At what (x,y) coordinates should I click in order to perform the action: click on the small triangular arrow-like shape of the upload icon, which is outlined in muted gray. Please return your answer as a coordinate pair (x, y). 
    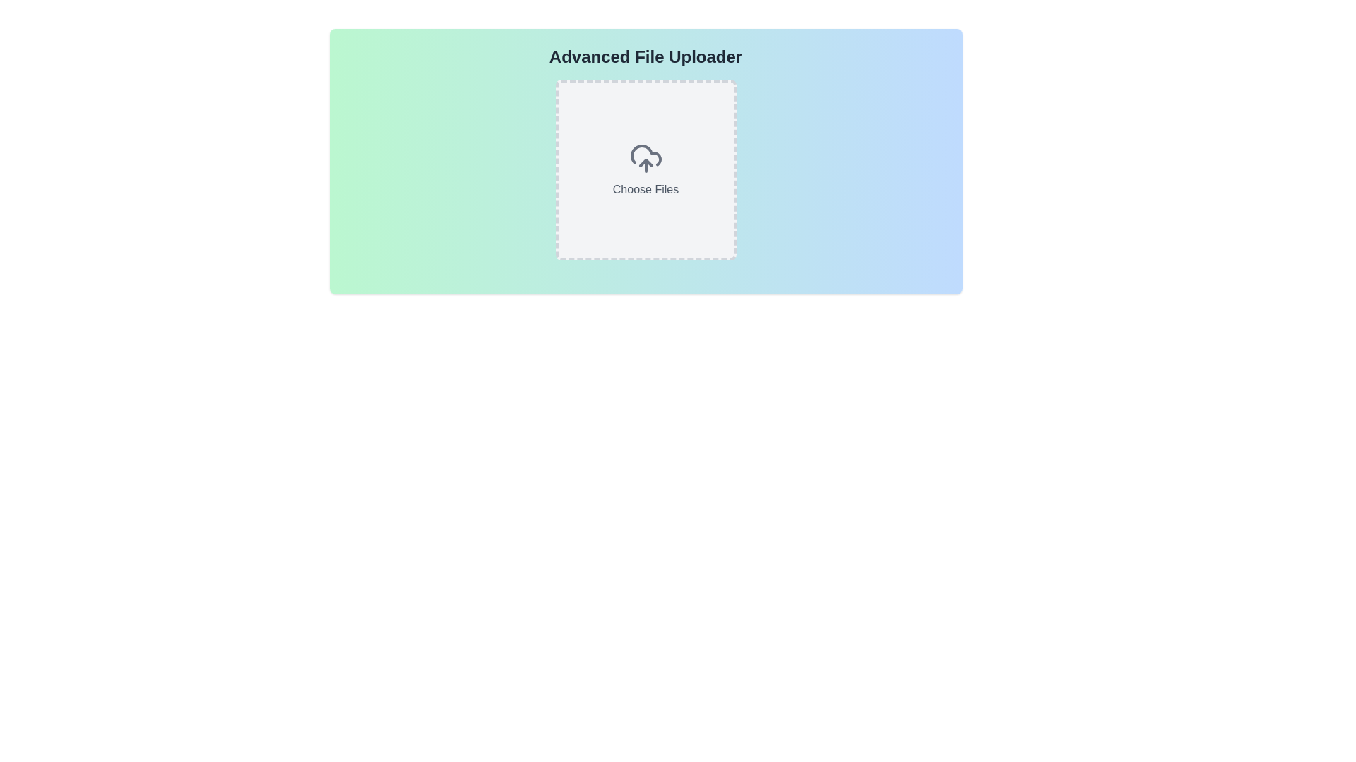
    Looking at the image, I should click on (645, 162).